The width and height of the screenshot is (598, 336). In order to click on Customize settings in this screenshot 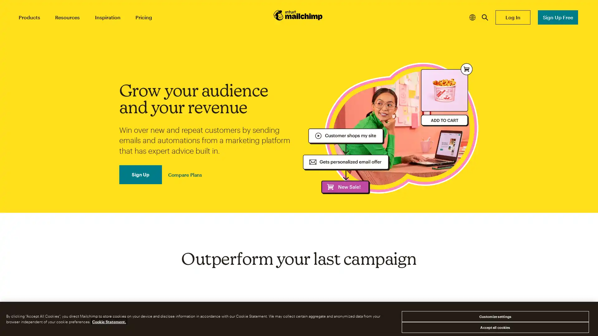, I will do `click(495, 316)`.